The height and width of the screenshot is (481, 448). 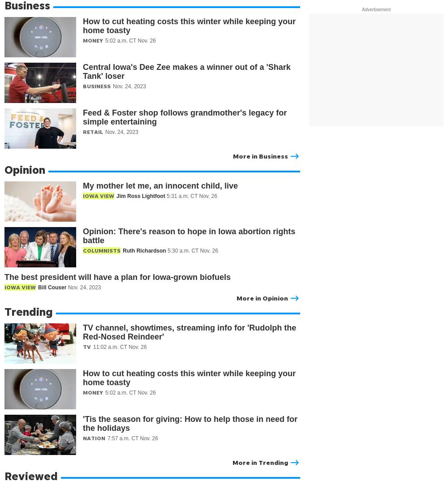 What do you see at coordinates (185, 116) in the screenshot?
I see `'Feed & Foster shop follows grandmother's legacy for simple entertaining'` at bounding box center [185, 116].